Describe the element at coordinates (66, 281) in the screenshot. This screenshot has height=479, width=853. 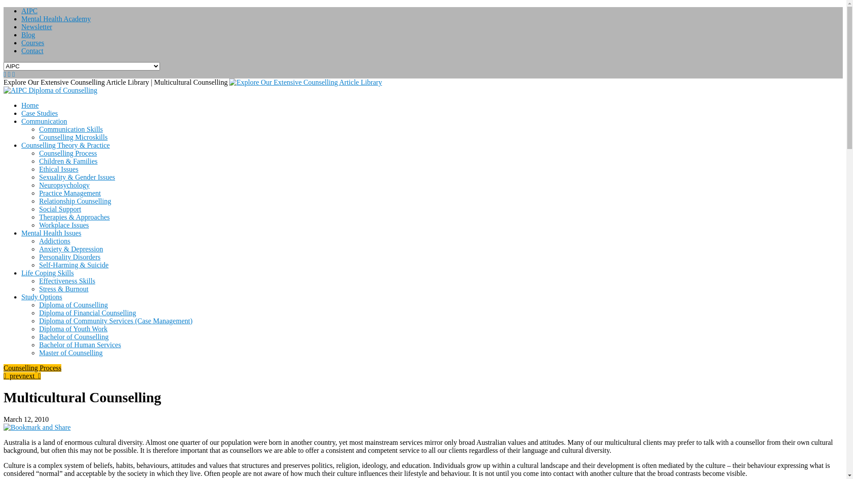
I see `'Effectiveness Skills'` at that location.